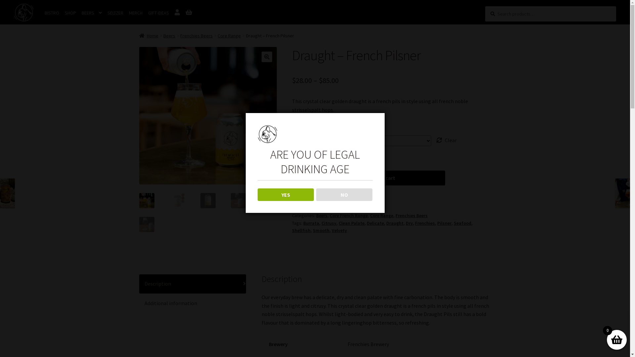 The width and height of the screenshot is (635, 357). I want to click on 'Beers', so click(169, 36).